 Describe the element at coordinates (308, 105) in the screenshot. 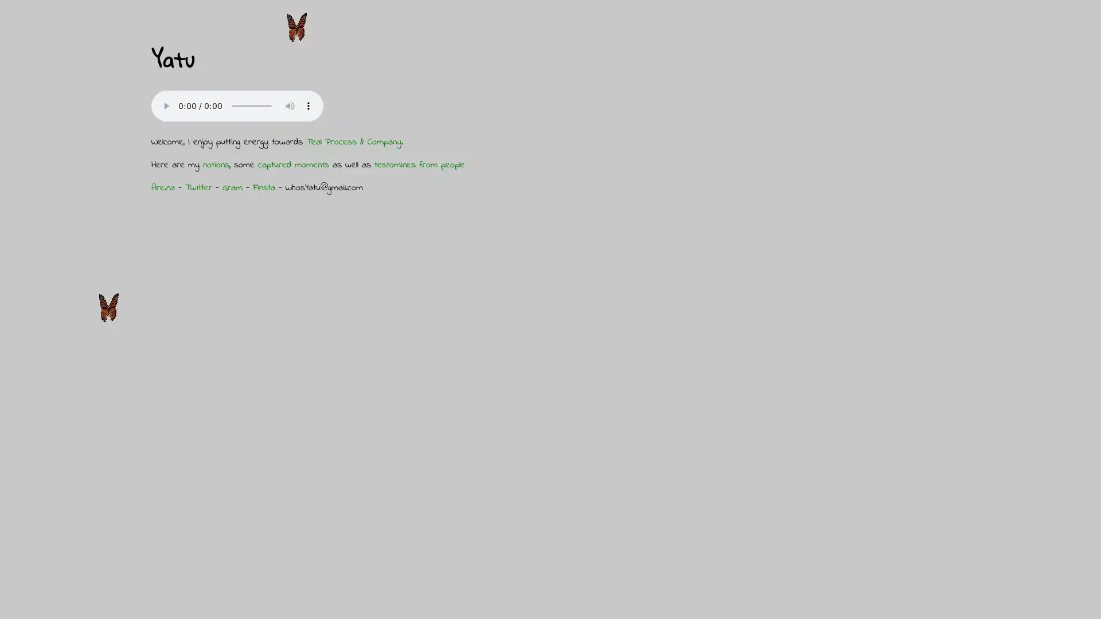

I see `show more media controls` at that location.